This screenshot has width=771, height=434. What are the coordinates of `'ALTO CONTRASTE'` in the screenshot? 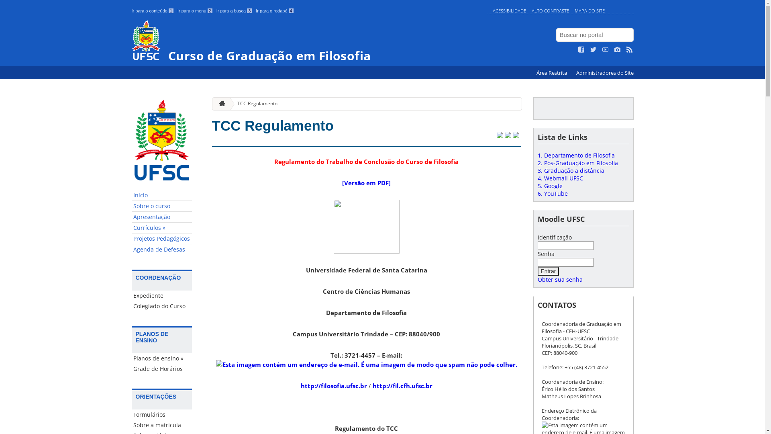 It's located at (550, 10).